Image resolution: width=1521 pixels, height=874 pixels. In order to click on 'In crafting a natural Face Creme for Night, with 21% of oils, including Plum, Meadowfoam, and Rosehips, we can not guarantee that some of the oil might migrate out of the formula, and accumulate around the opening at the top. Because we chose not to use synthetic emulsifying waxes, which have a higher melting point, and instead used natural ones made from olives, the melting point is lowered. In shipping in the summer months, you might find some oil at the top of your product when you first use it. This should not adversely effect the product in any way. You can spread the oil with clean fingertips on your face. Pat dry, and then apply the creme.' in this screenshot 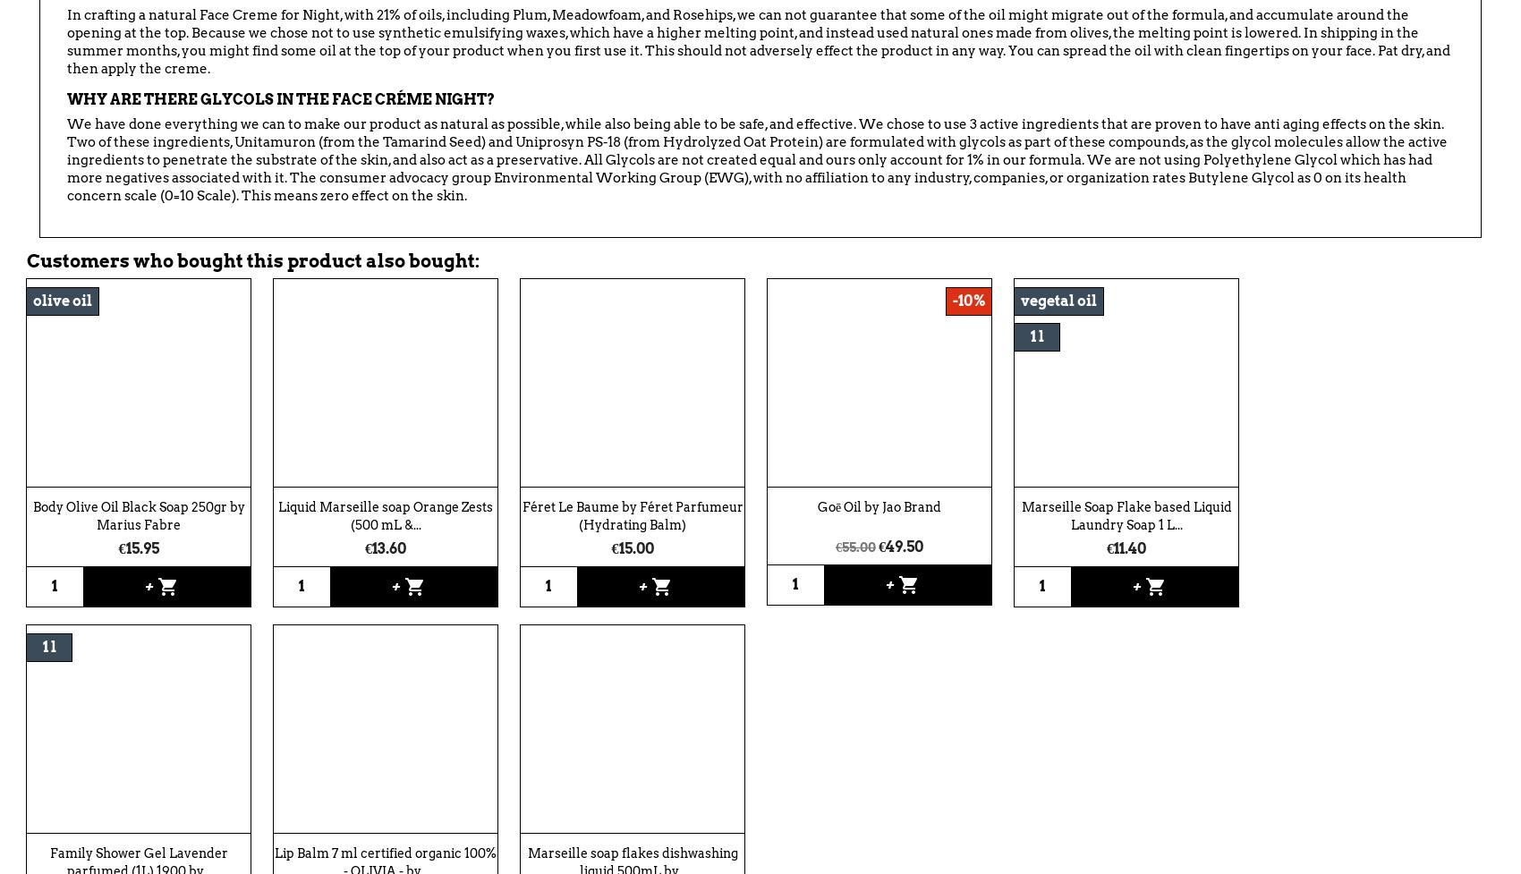, I will do `click(757, 41)`.